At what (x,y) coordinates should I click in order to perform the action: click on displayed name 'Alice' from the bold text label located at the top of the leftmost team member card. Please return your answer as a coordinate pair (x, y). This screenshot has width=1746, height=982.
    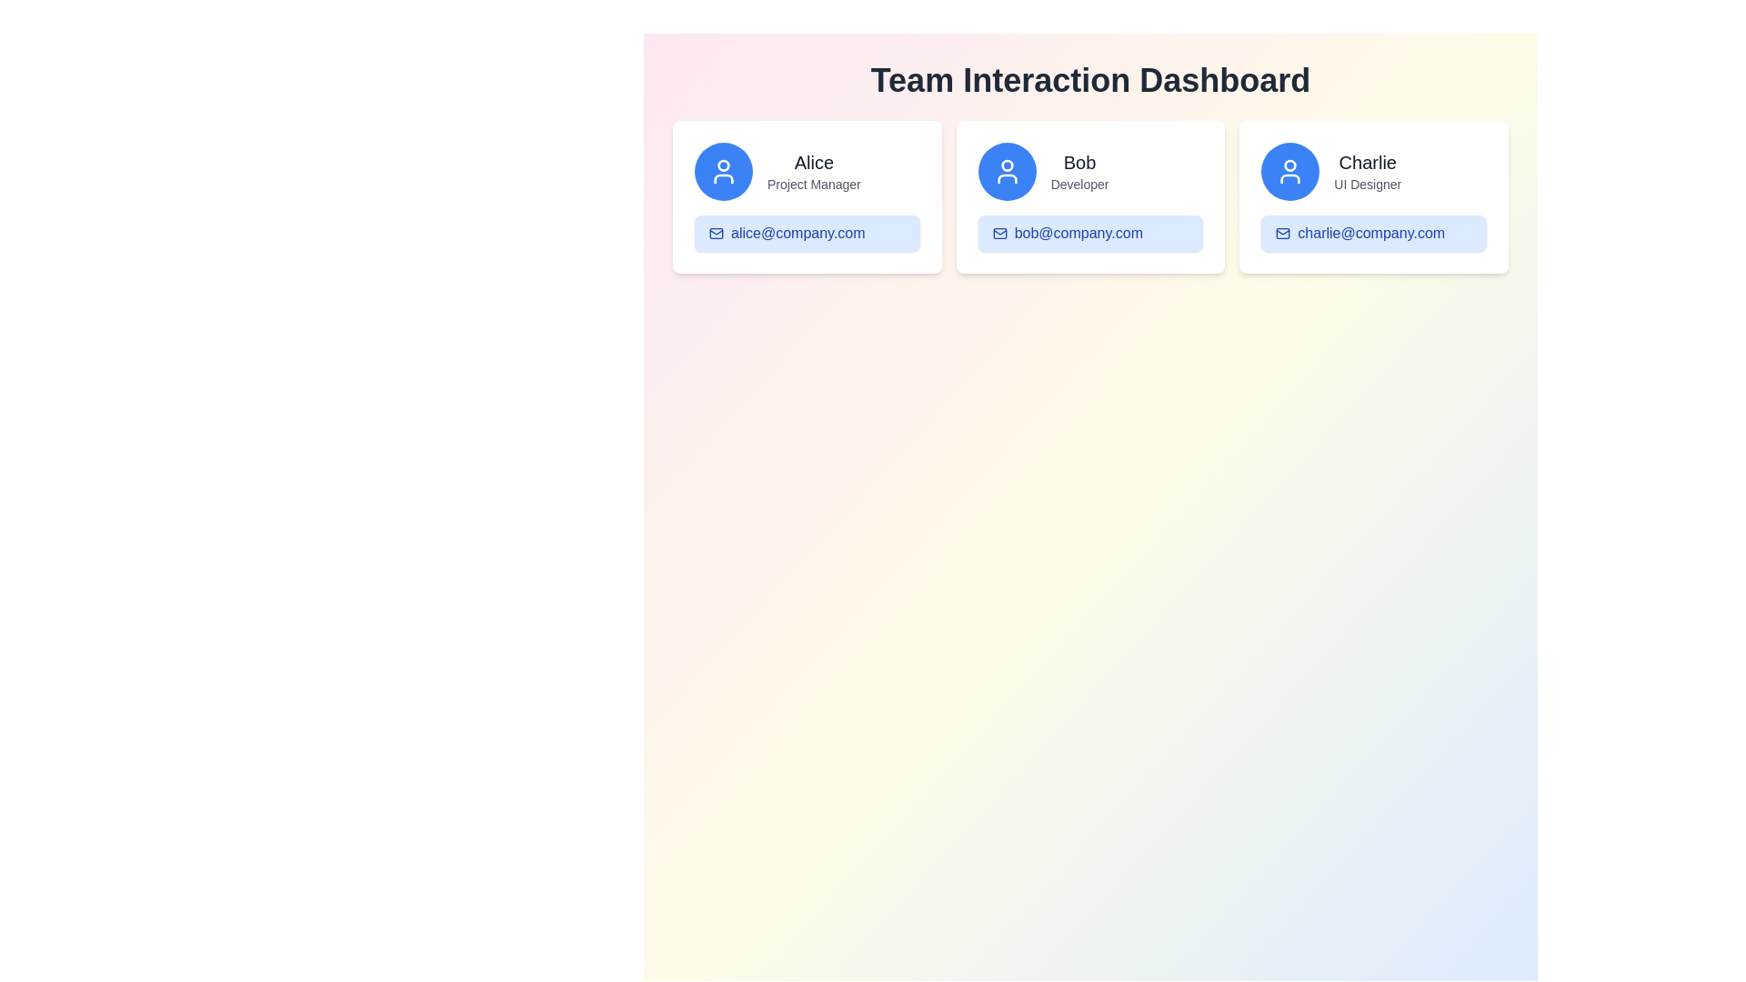
    Looking at the image, I should click on (813, 161).